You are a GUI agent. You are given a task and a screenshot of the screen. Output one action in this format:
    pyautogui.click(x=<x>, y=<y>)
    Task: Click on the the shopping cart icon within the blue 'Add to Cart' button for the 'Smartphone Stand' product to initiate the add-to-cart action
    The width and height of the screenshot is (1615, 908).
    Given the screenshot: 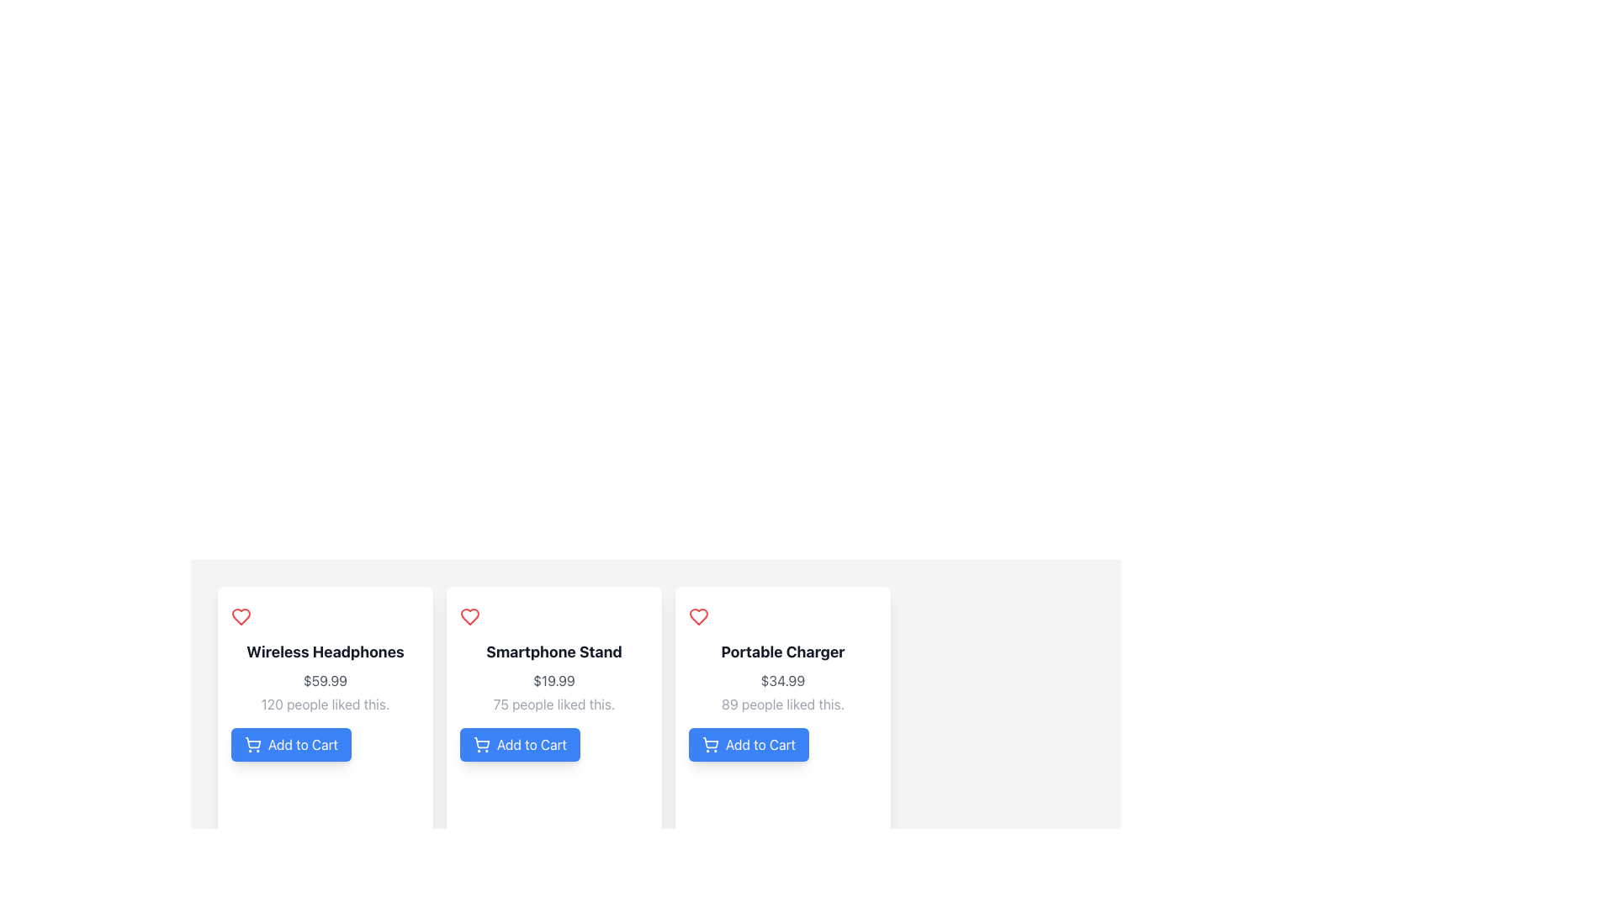 What is the action you would take?
    pyautogui.click(x=480, y=744)
    